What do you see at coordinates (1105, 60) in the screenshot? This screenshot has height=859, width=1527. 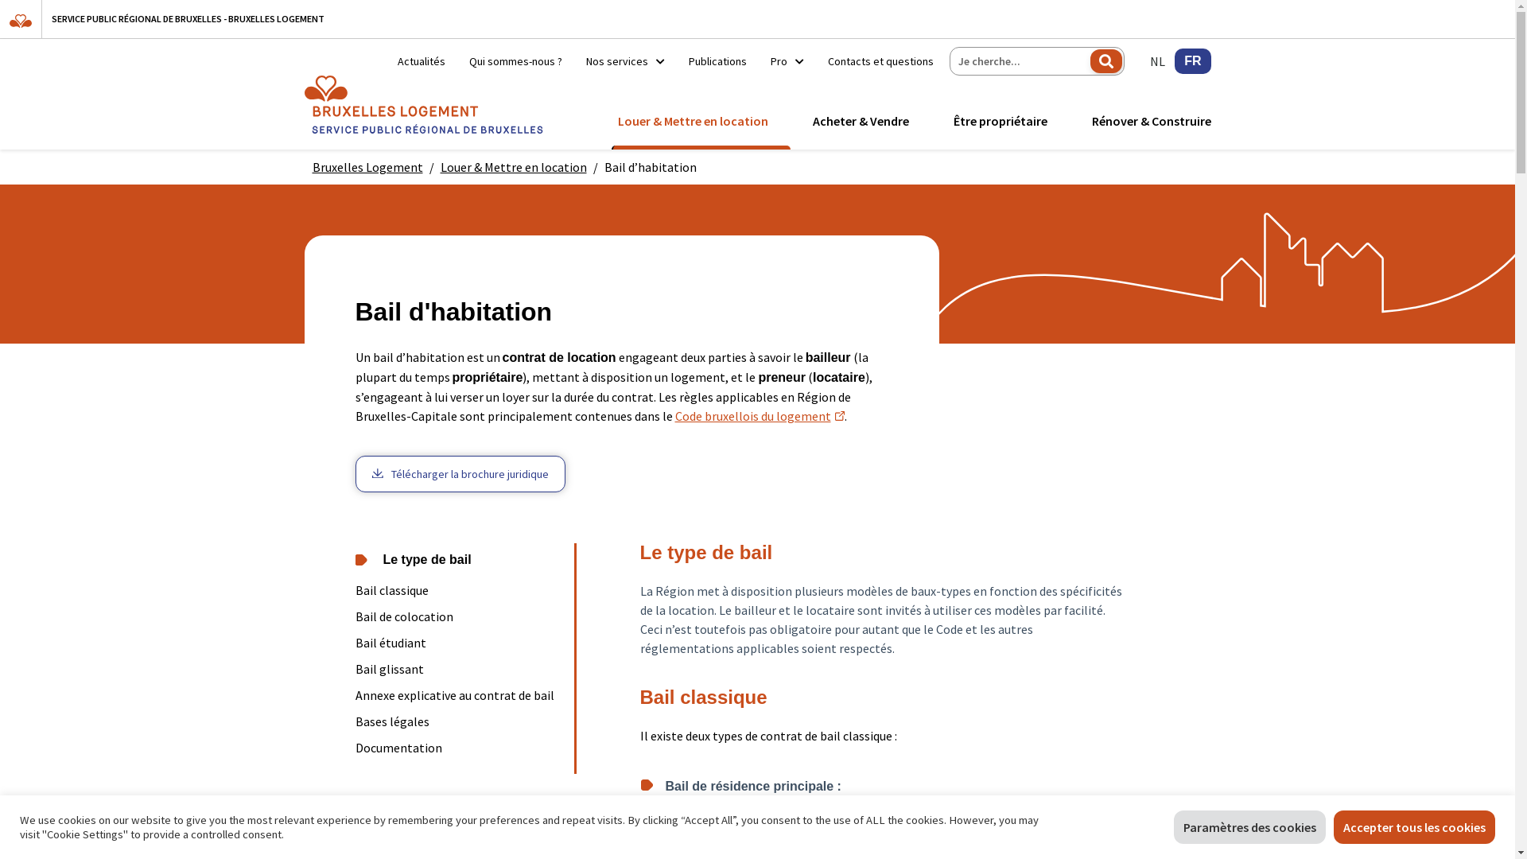 I see `'Rechercher'` at bounding box center [1105, 60].